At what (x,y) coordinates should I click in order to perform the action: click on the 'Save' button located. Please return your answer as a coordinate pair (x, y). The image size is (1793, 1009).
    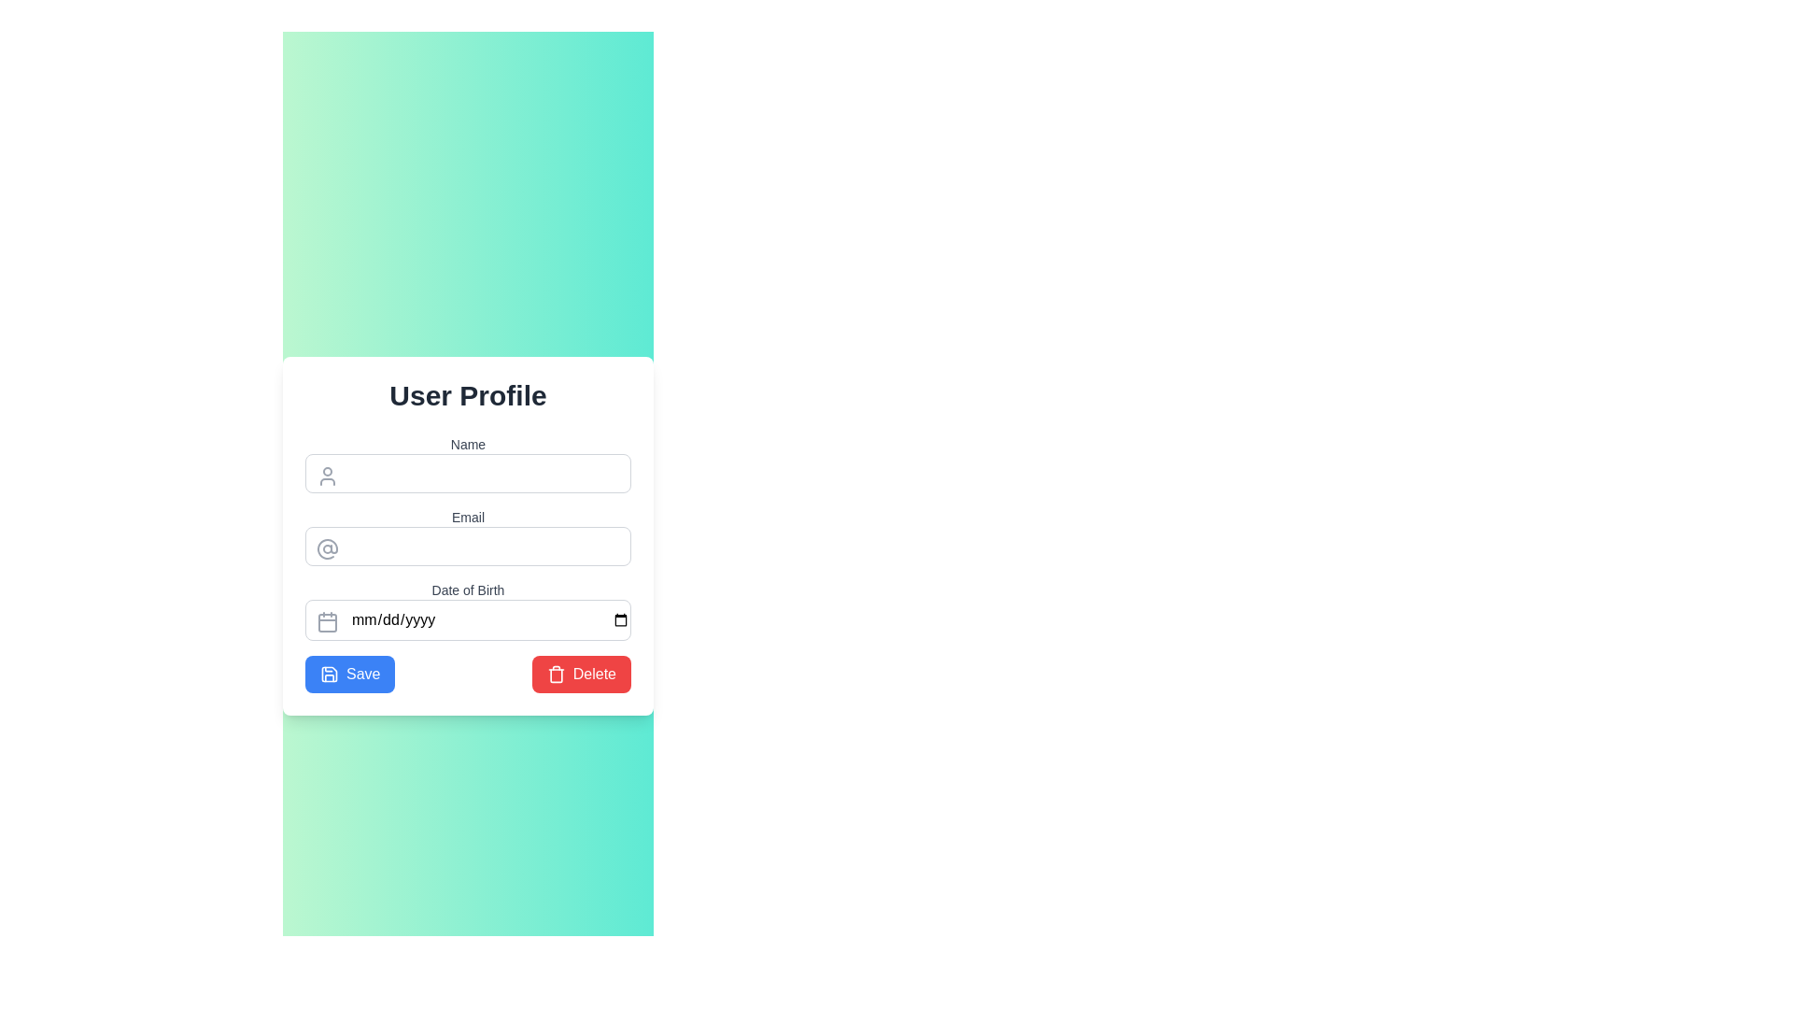
    Looking at the image, I should click on (349, 674).